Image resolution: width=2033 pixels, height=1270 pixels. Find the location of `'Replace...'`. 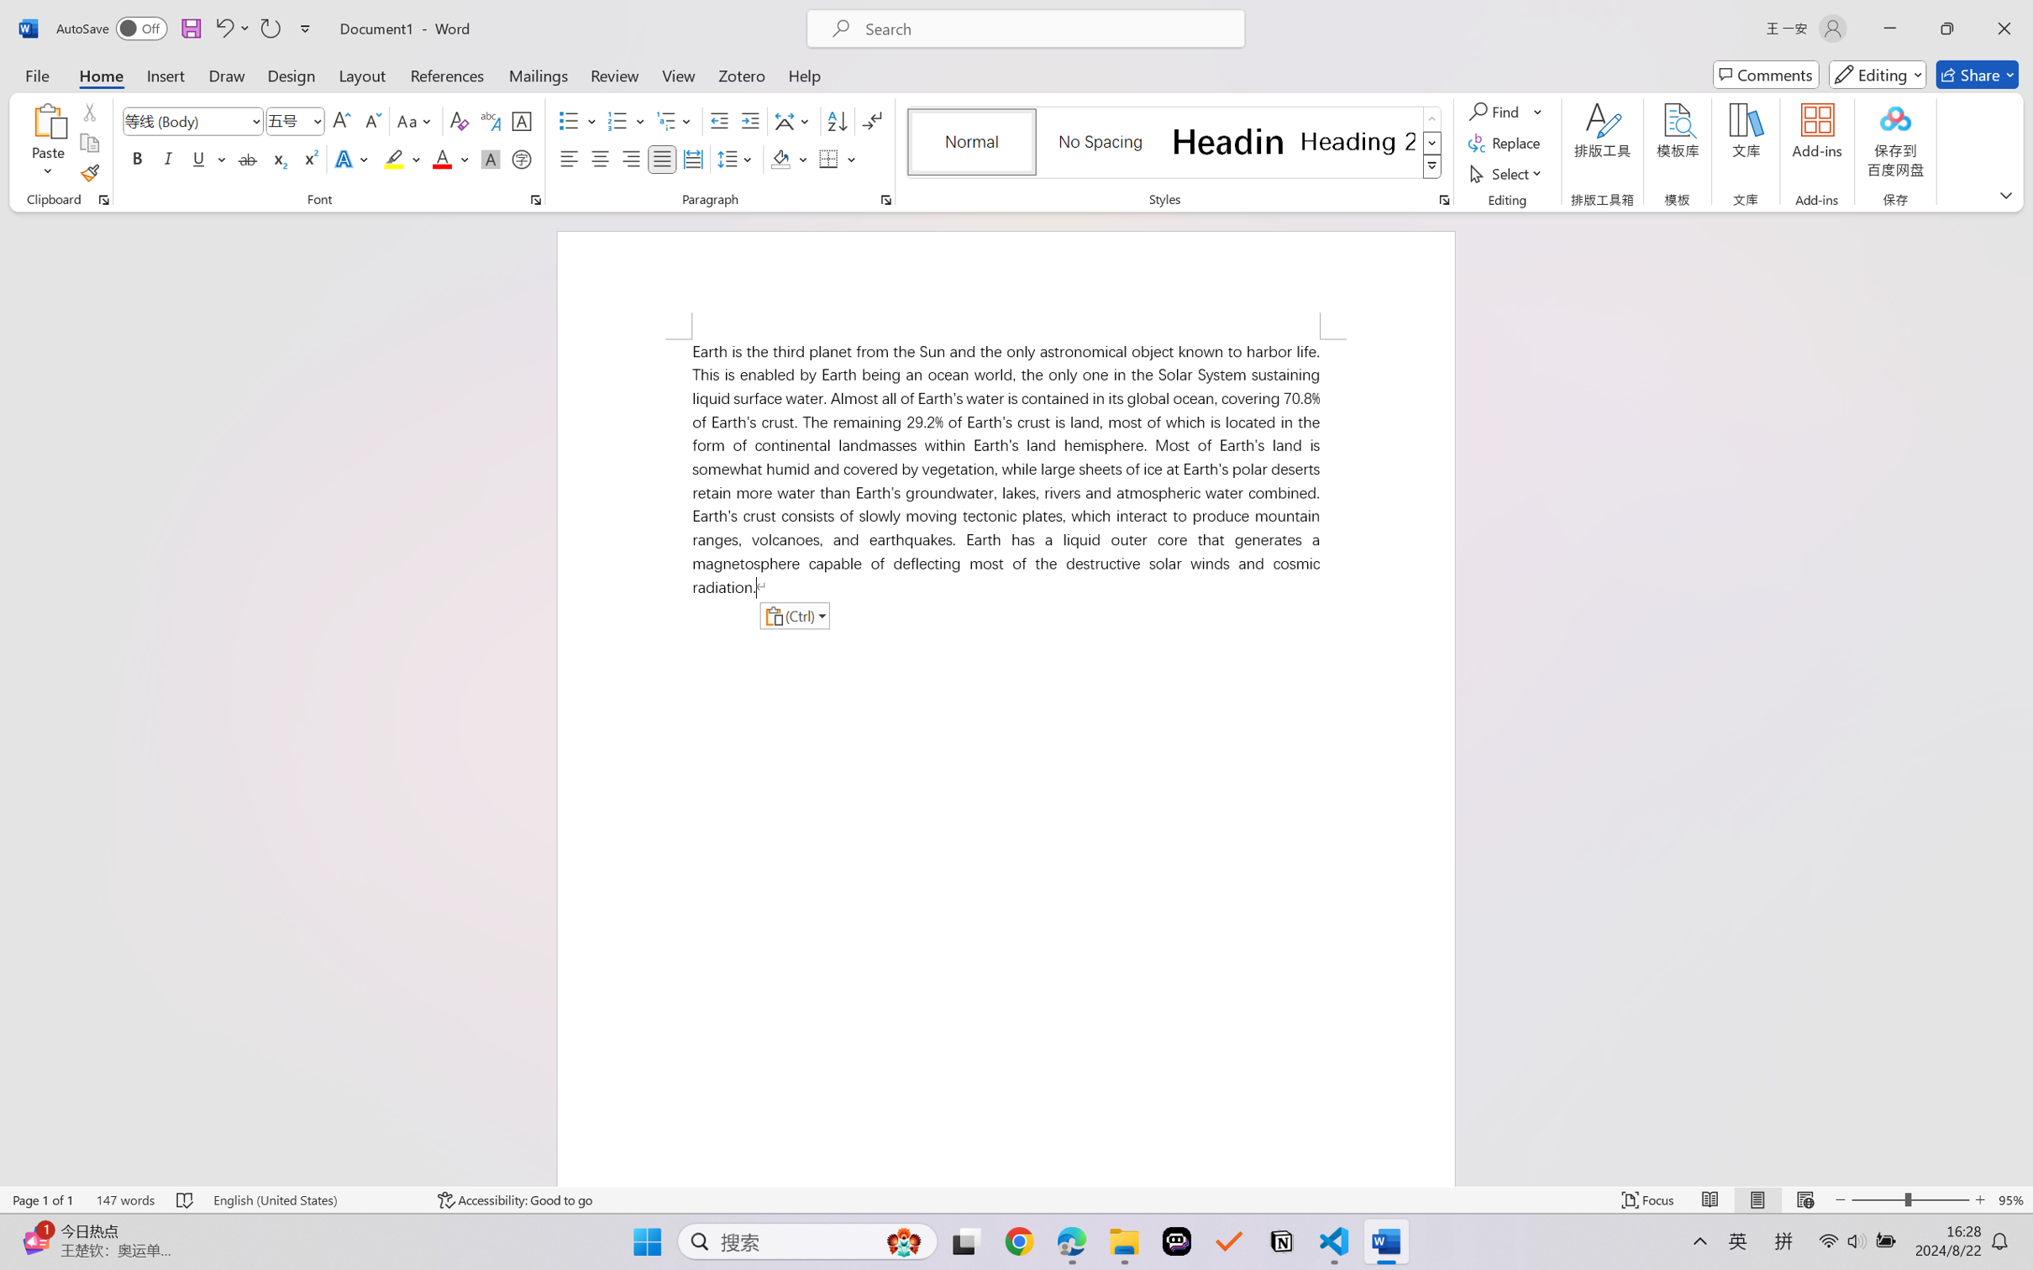

'Replace...' is located at coordinates (1505, 143).